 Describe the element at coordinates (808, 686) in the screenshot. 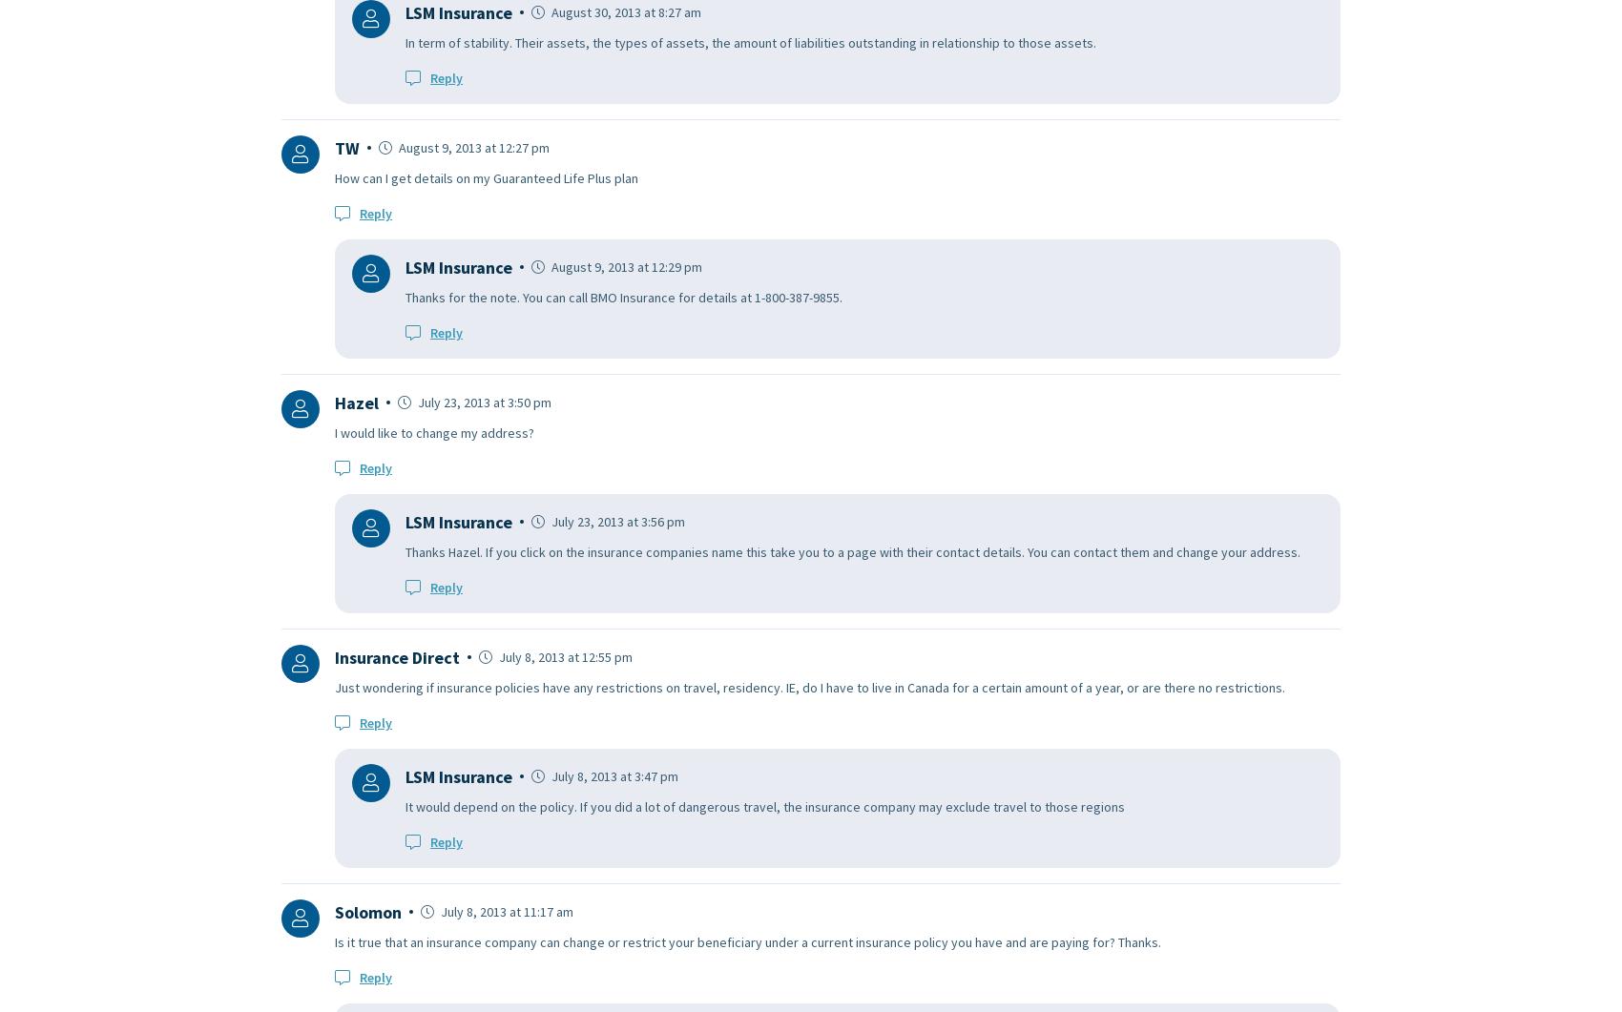

I see `'Just wondering if insurance policies have any restrictions on travel, residency. IE, do I have to live in Canada for a certain amount of a year, or are there no restrictions.'` at that location.